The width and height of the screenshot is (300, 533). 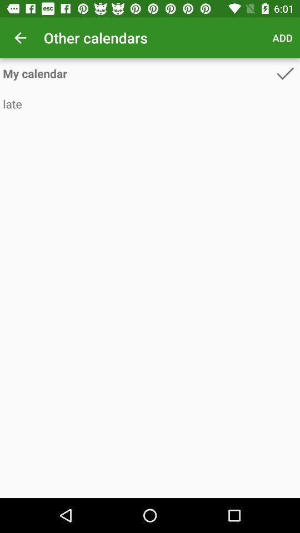 What do you see at coordinates (150, 104) in the screenshot?
I see `late` at bounding box center [150, 104].